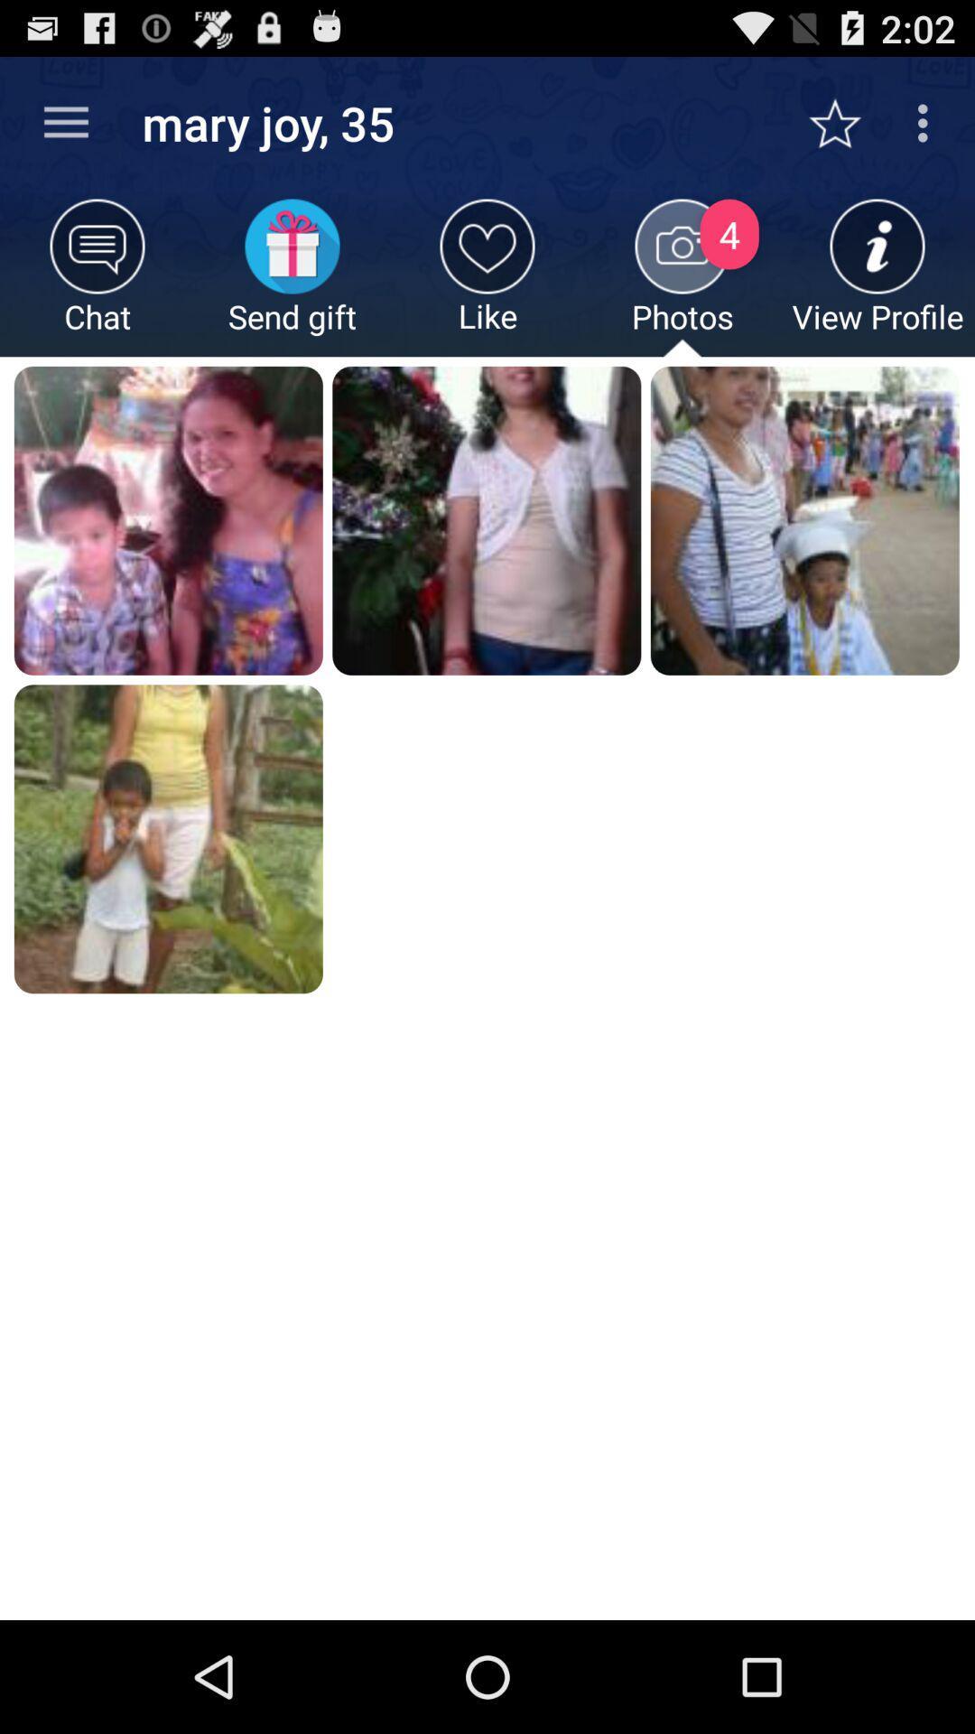 The image size is (975, 1734). I want to click on icon next to the send gift, so click(97, 276).